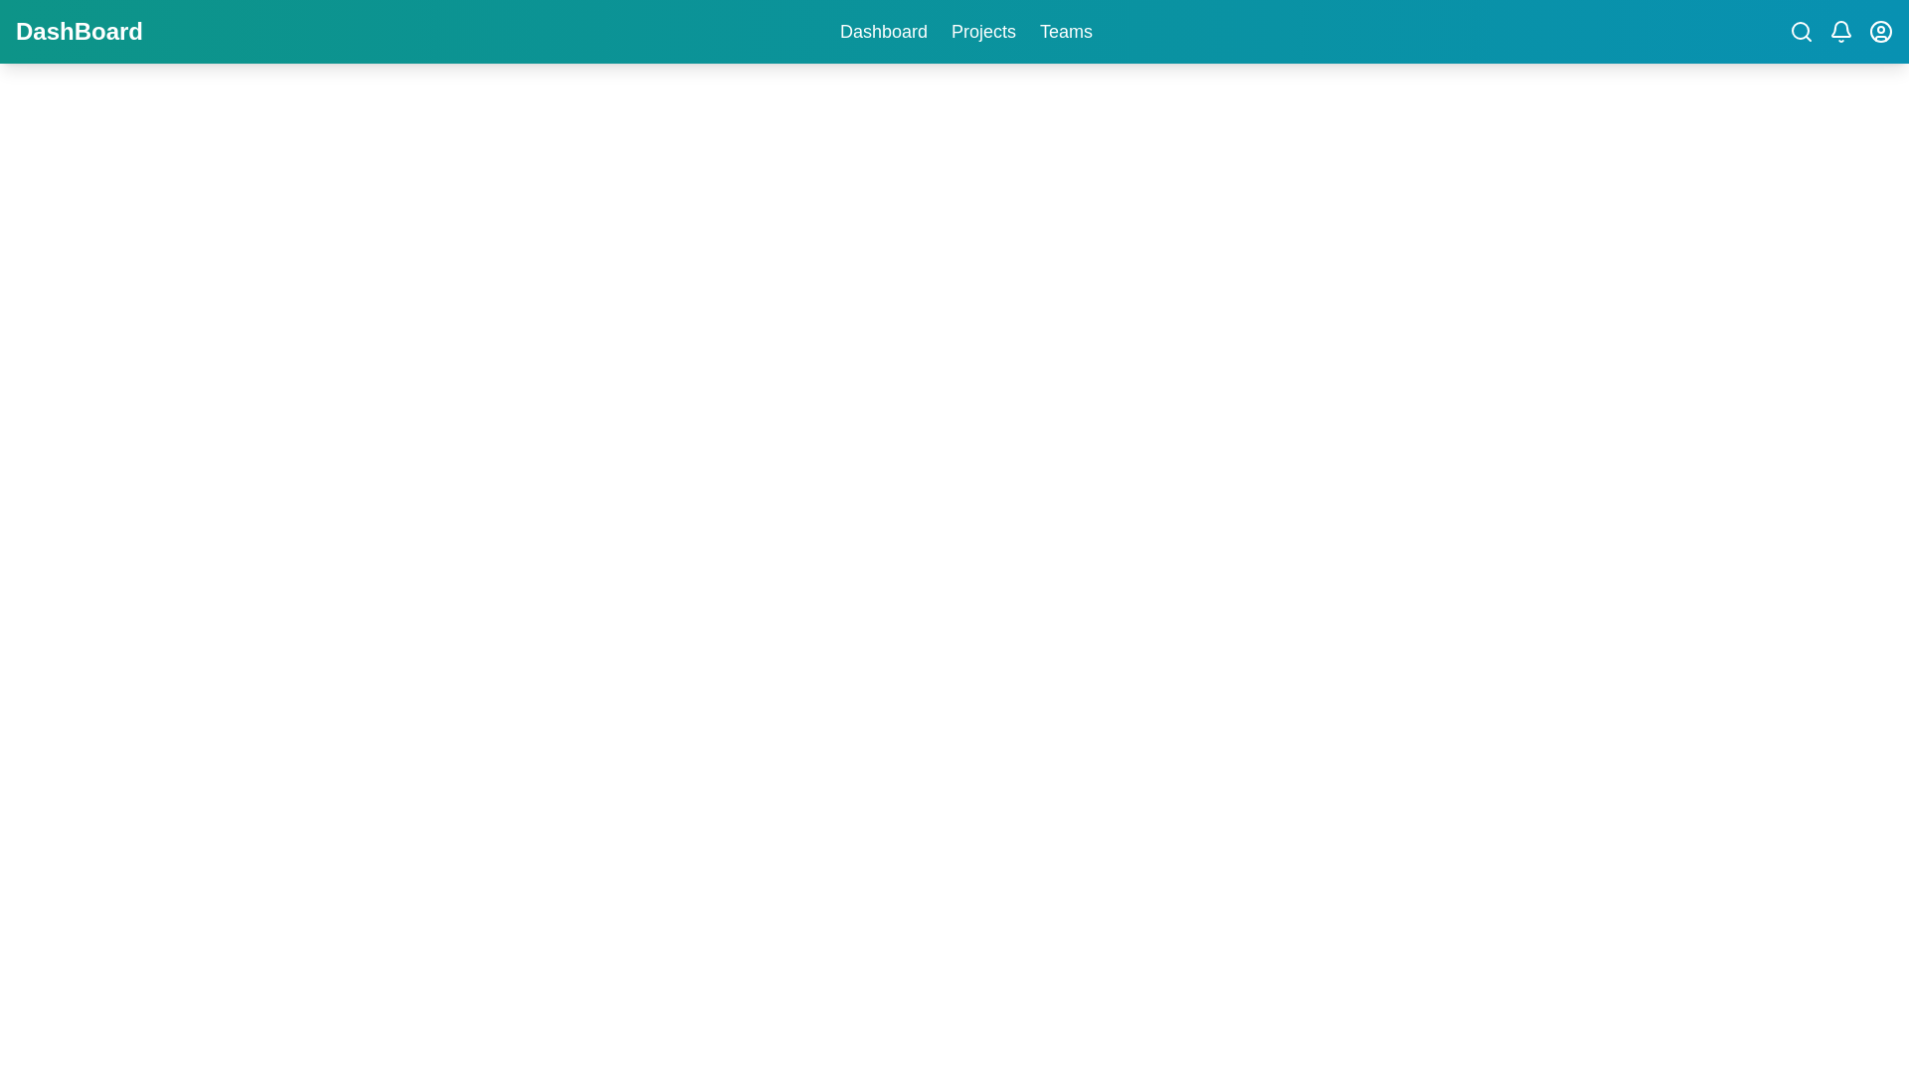 This screenshot has height=1074, width=1909. What do you see at coordinates (1801, 31) in the screenshot?
I see `the magnifying glass icon button in the top-right section of the header bar` at bounding box center [1801, 31].